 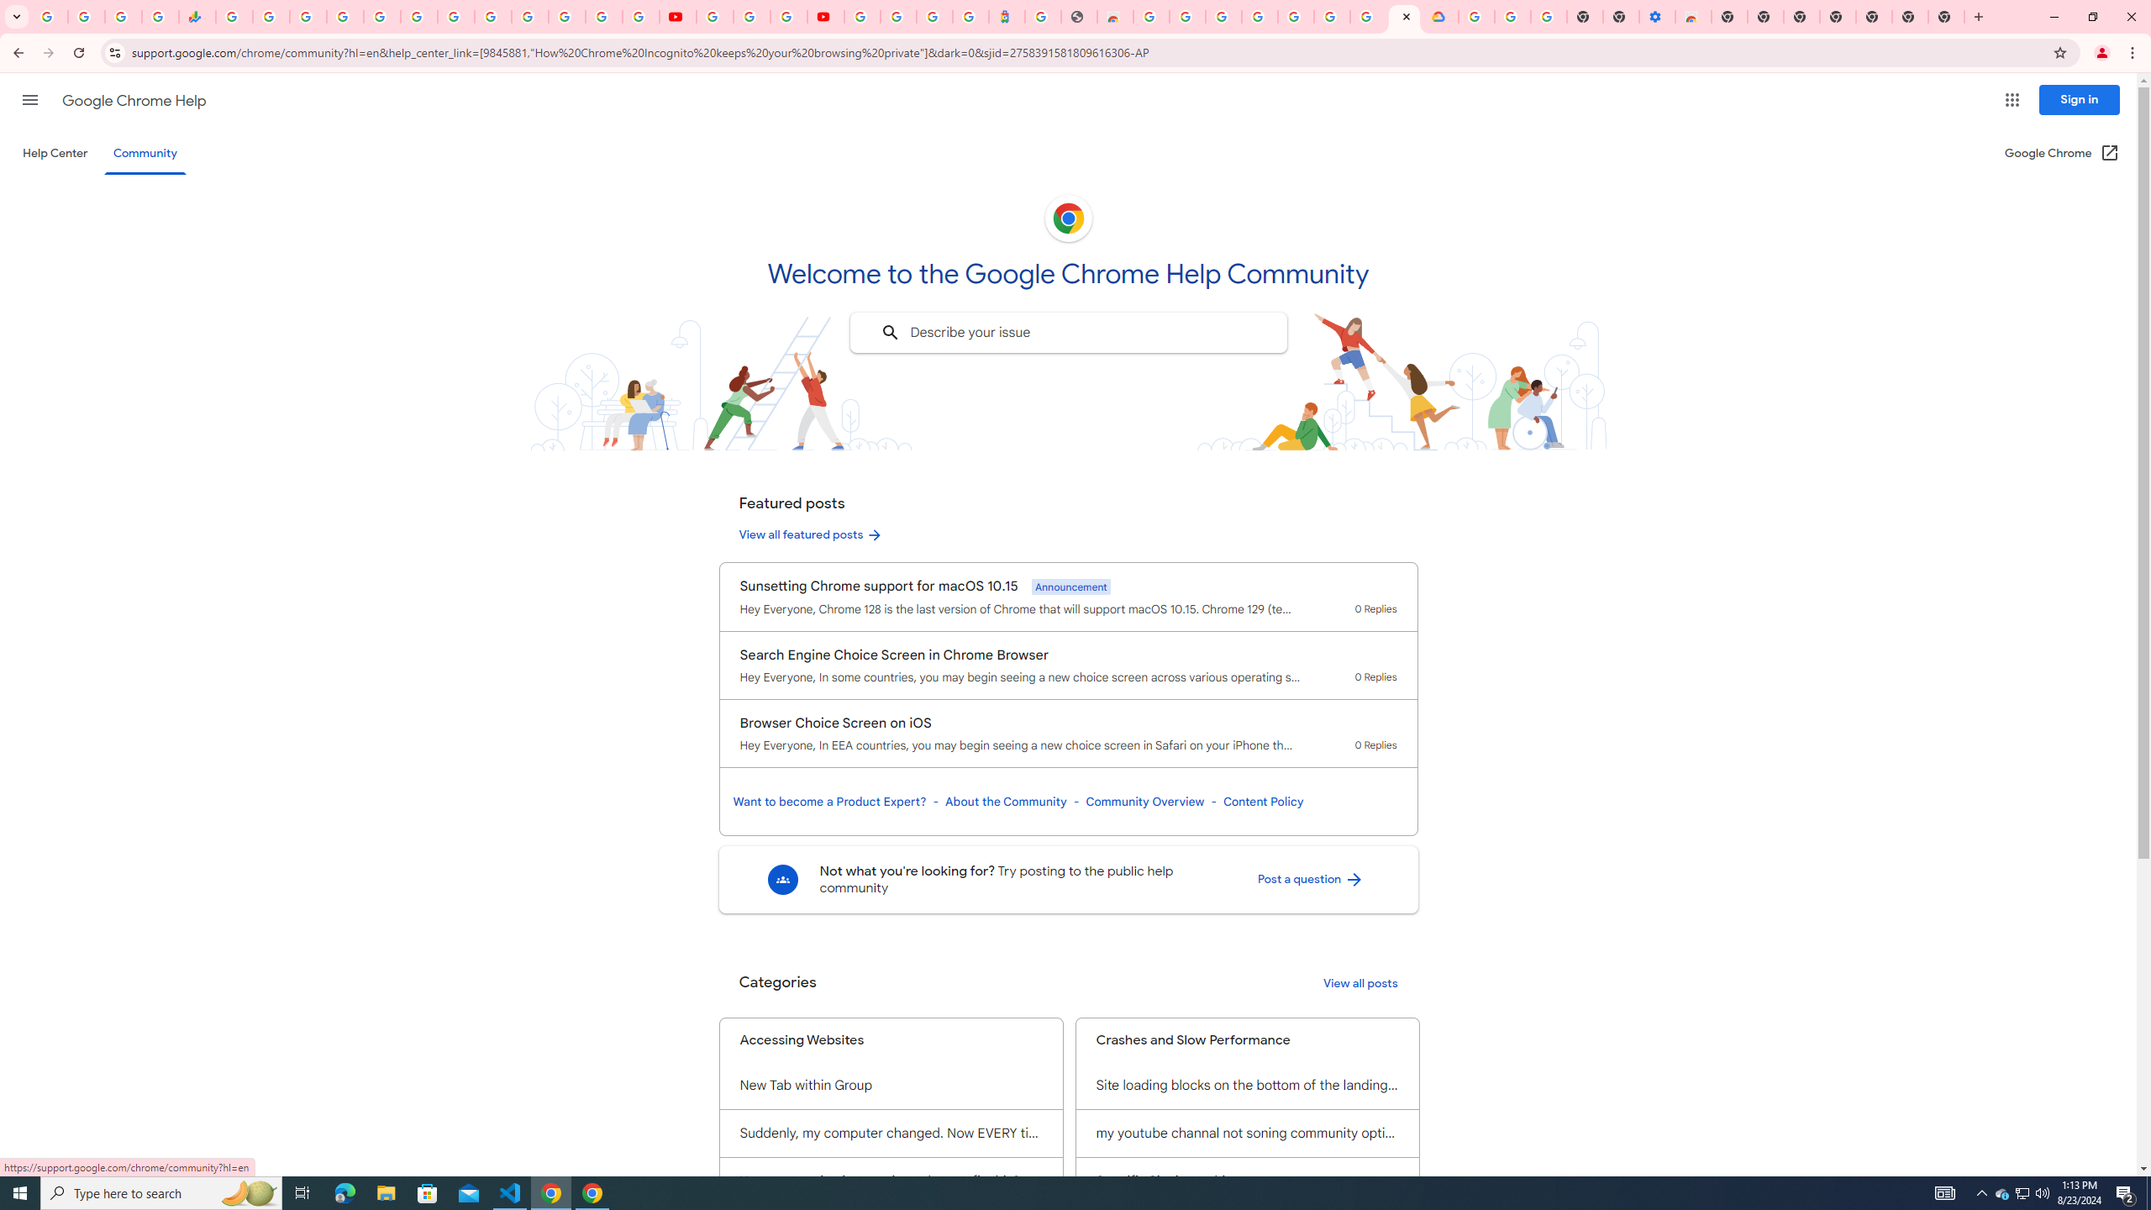 I want to click on 'YouTube', so click(x=677, y=16).